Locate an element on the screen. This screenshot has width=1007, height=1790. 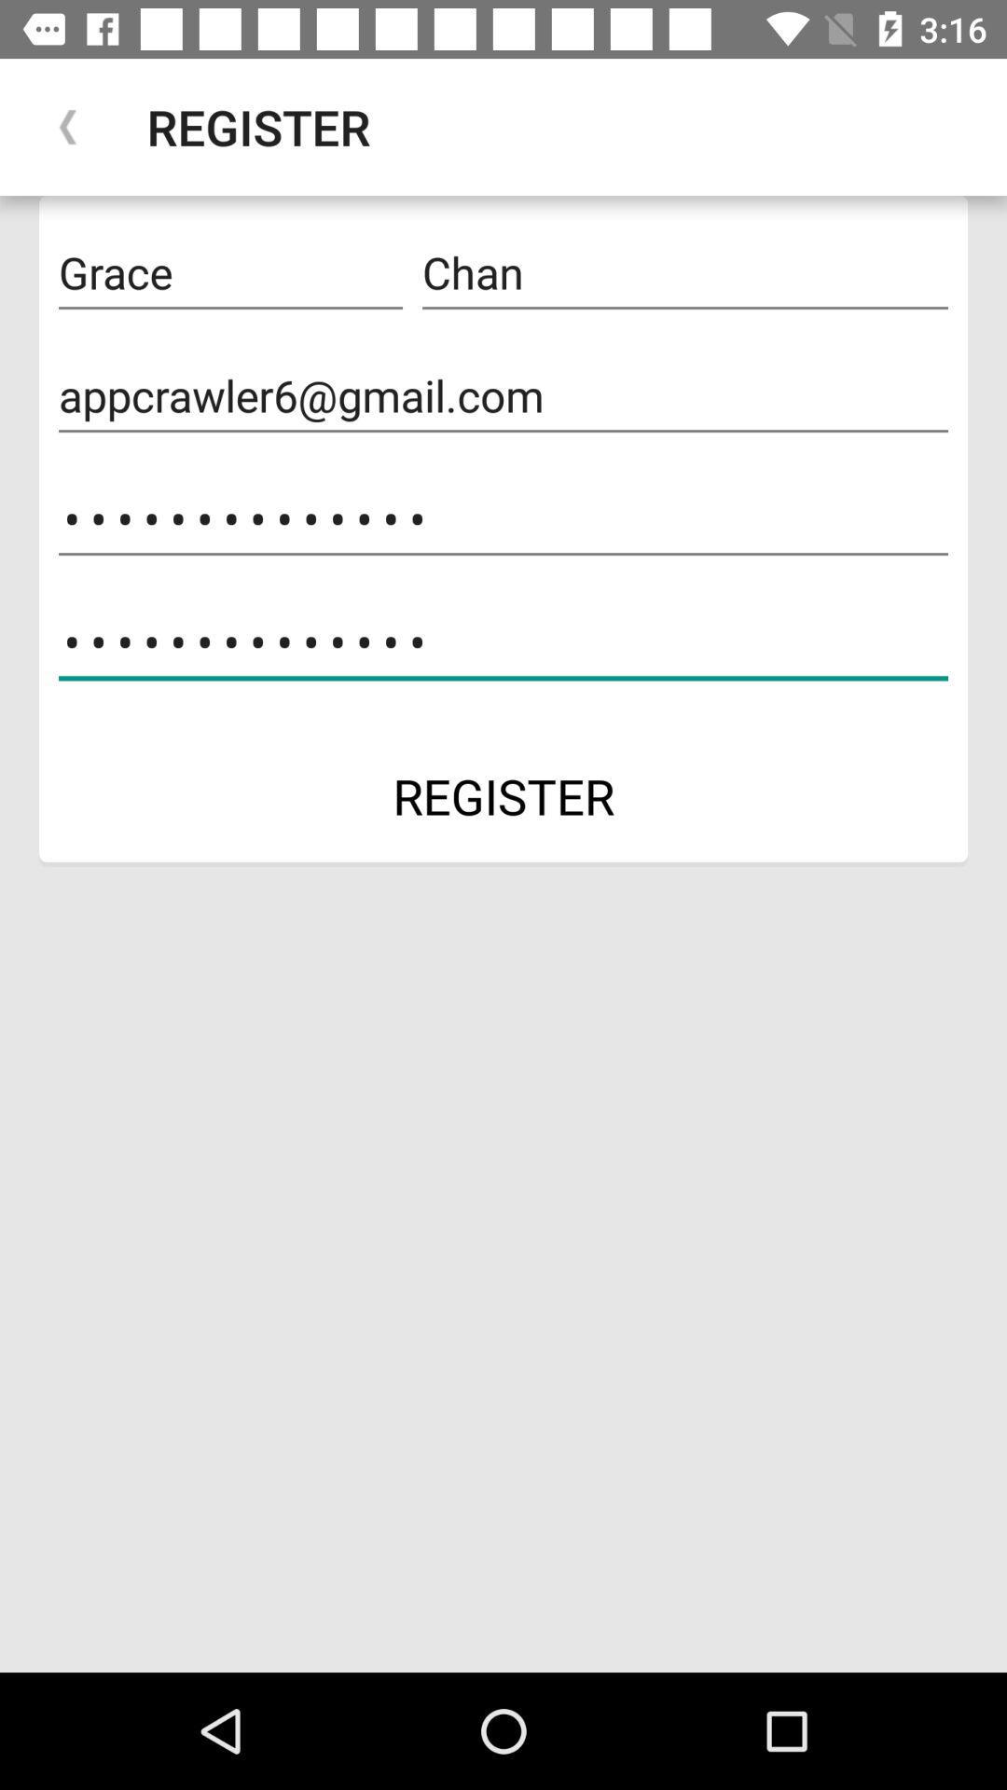
the chan is located at coordinates (685, 272).